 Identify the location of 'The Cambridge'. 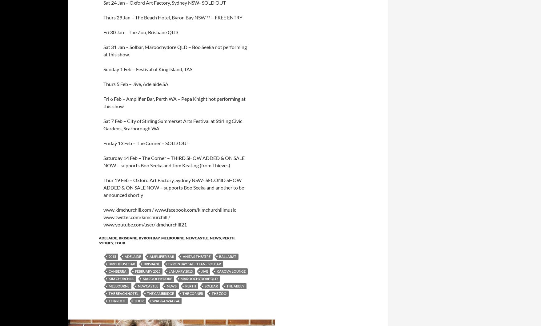
(160, 293).